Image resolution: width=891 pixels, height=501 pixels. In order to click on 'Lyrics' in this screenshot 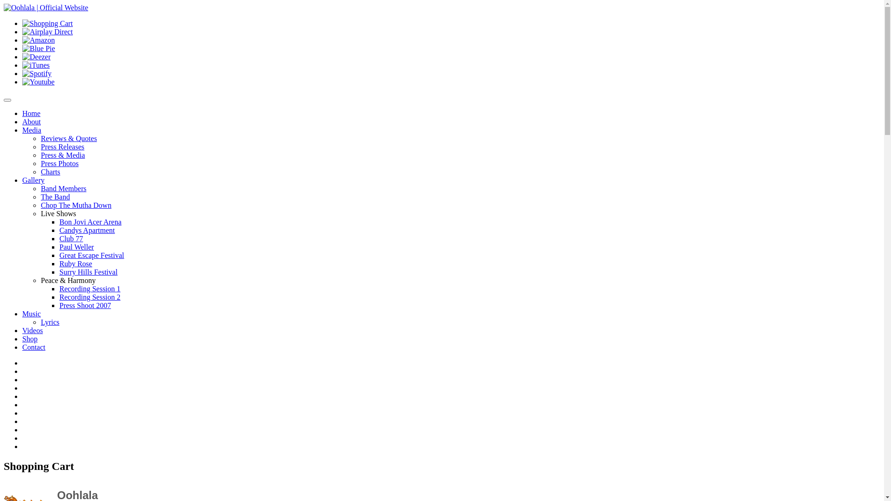, I will do `click(40, 321)`.